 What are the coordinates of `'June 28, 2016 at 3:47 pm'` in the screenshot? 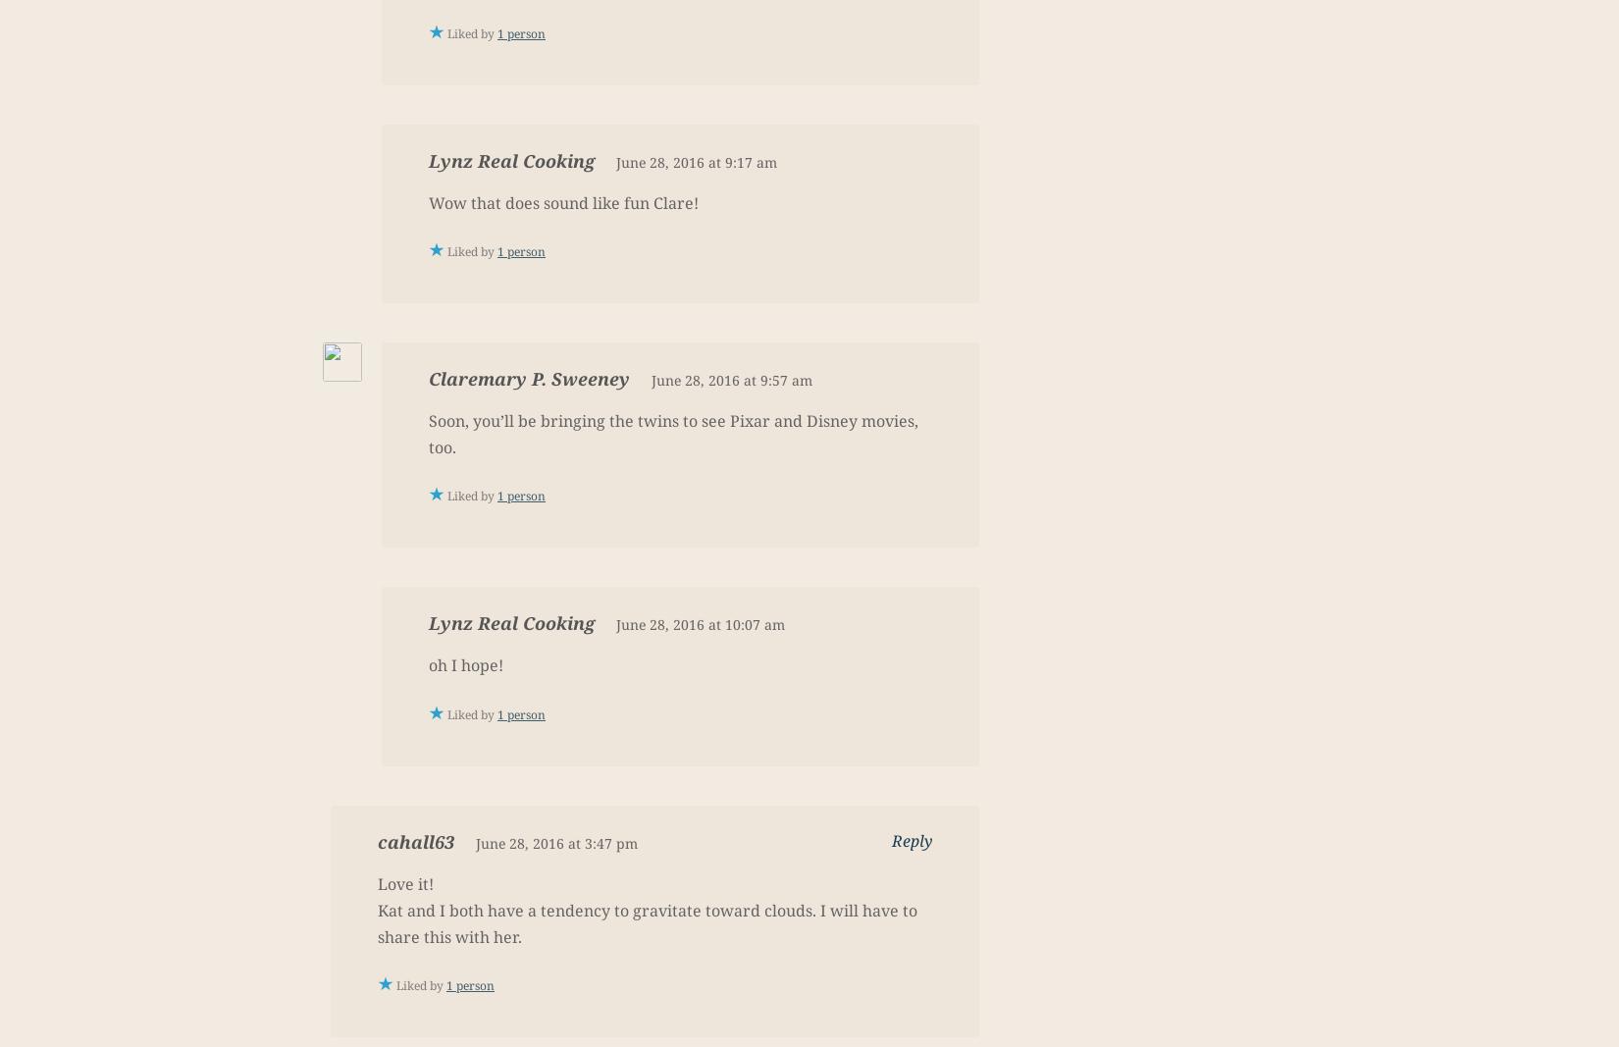 It's located at (555, 841).